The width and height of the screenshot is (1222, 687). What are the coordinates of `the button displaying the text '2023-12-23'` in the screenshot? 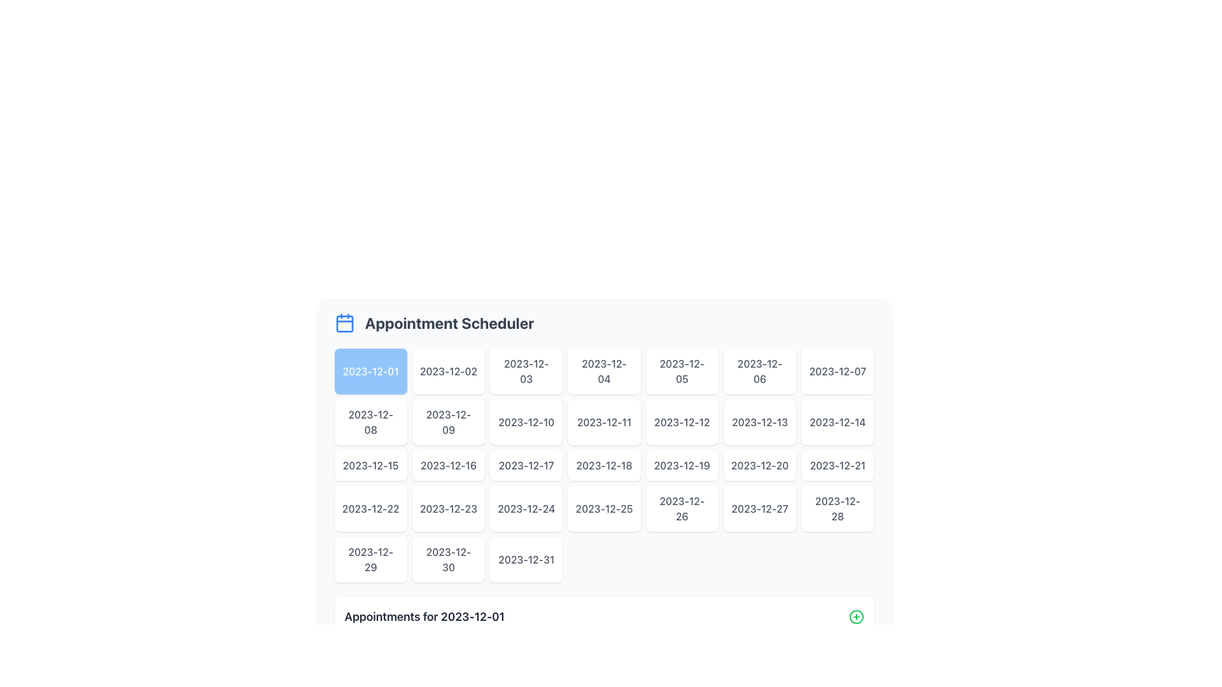 It's located at (448, 508).